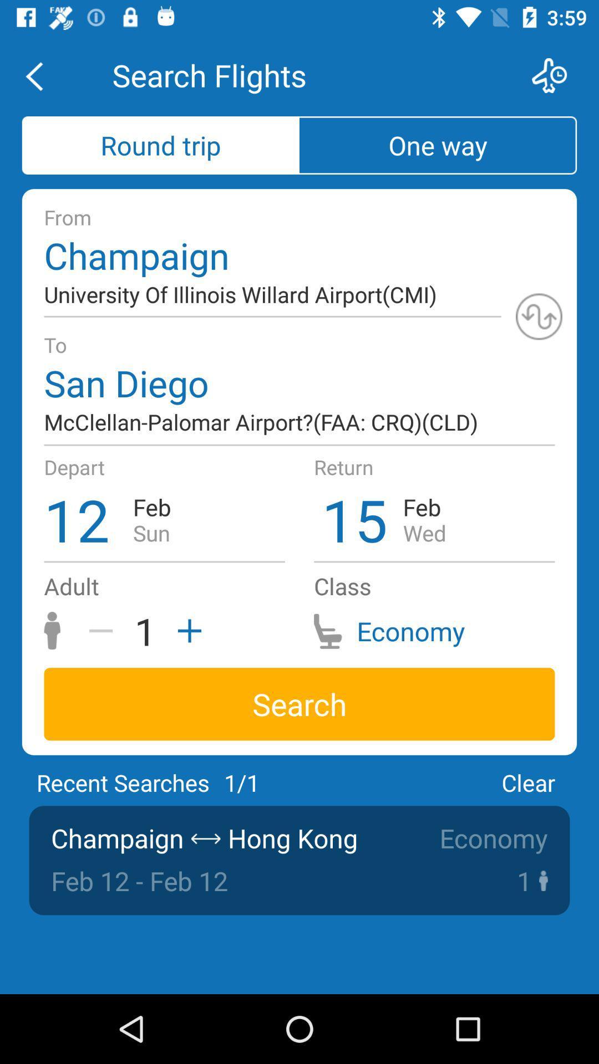  What do you see at coordinates (527, 782) in the screenshot?
I see `clear icon` at bounding box center [527, 782].